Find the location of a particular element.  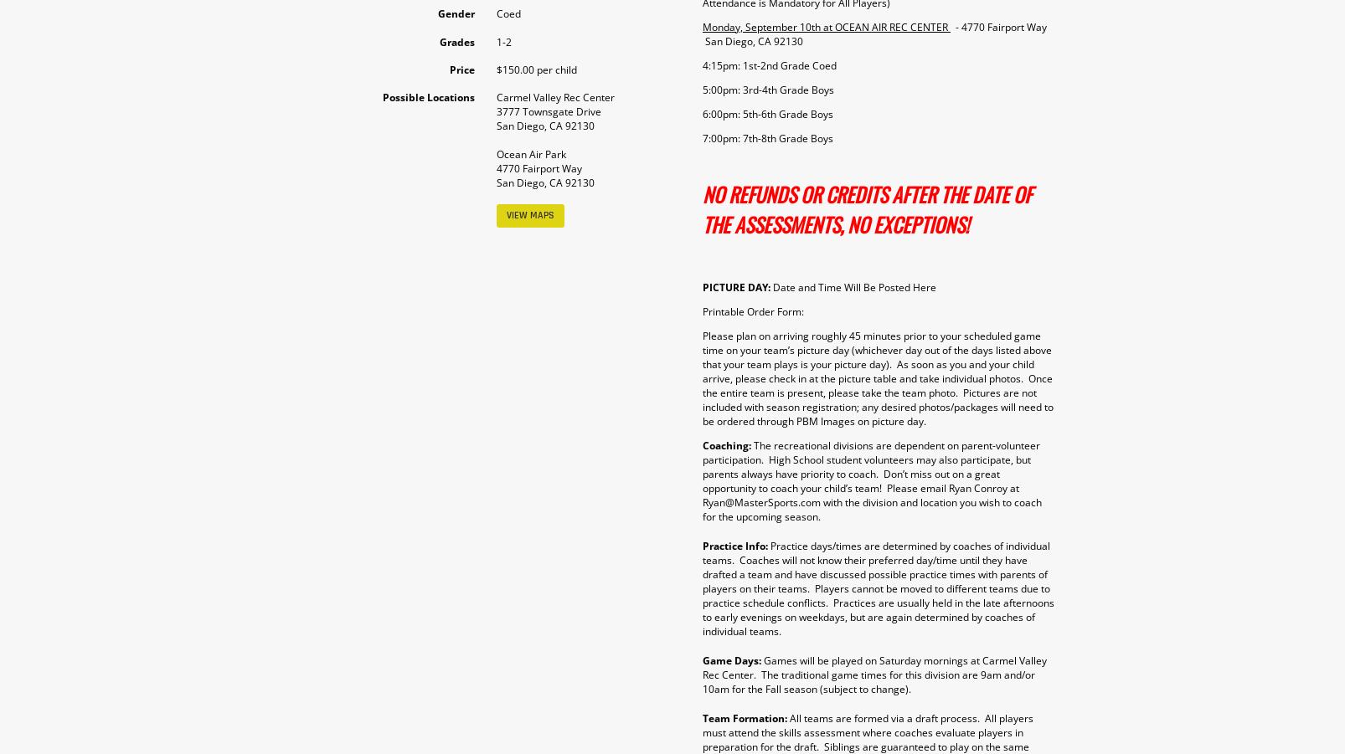

'Monday, September 10th at OCEAN AIR REC CENTER' is located at coordinates (826, 25).